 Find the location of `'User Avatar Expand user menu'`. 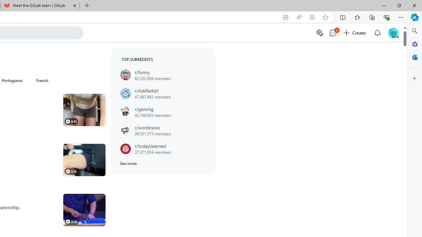

'User Avatar Expand user menu' is located at coordinates (393, 33).